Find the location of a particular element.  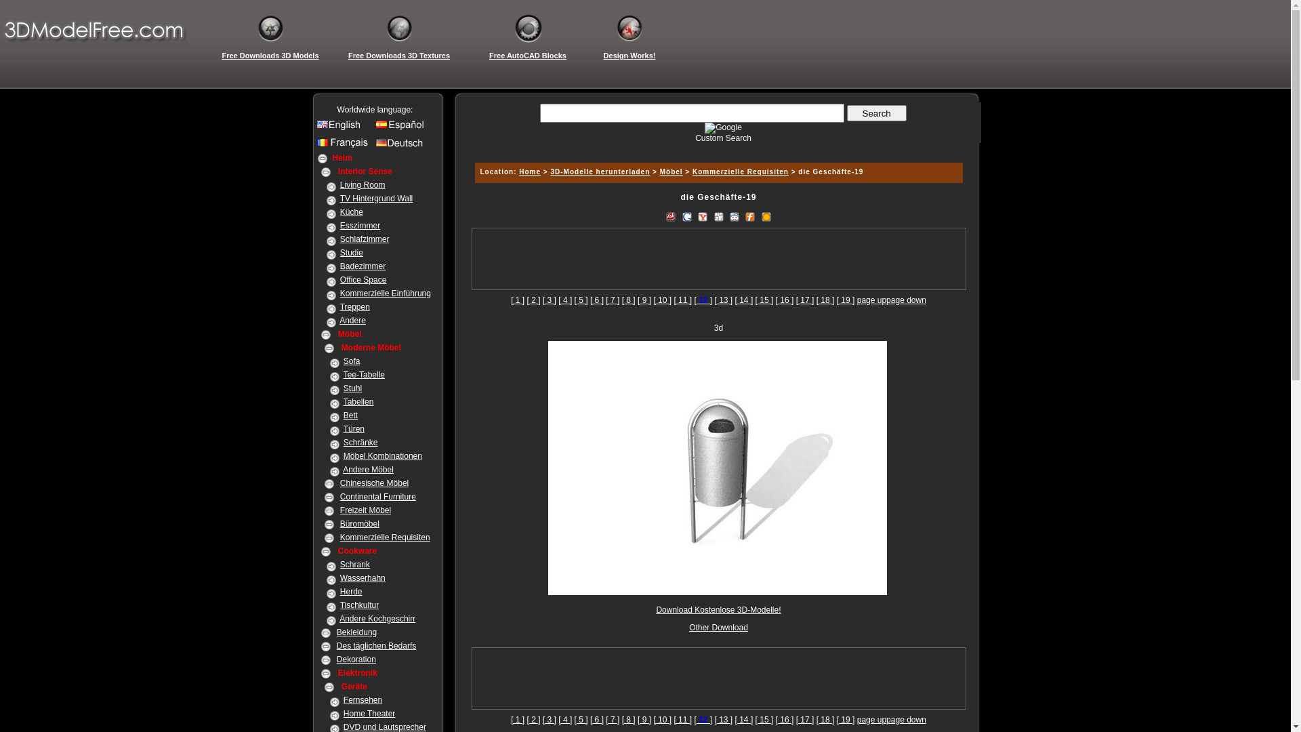

'Tabellen' is located at coordinates (358, 401).